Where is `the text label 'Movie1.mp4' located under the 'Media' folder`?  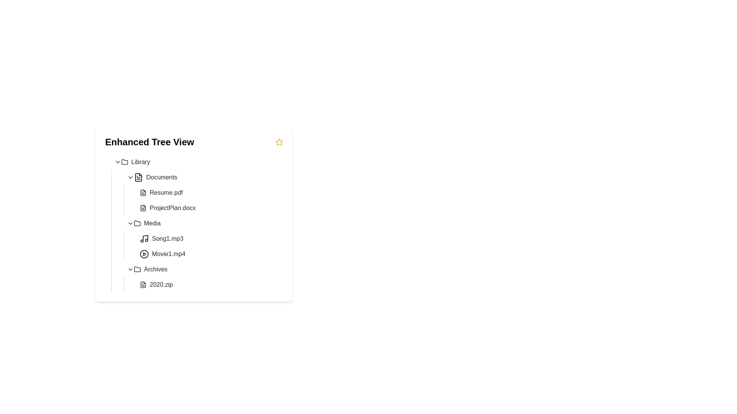 the text label 'Movie1.mp4' located under the 'Media' folder is located at coordinates (168, 254).